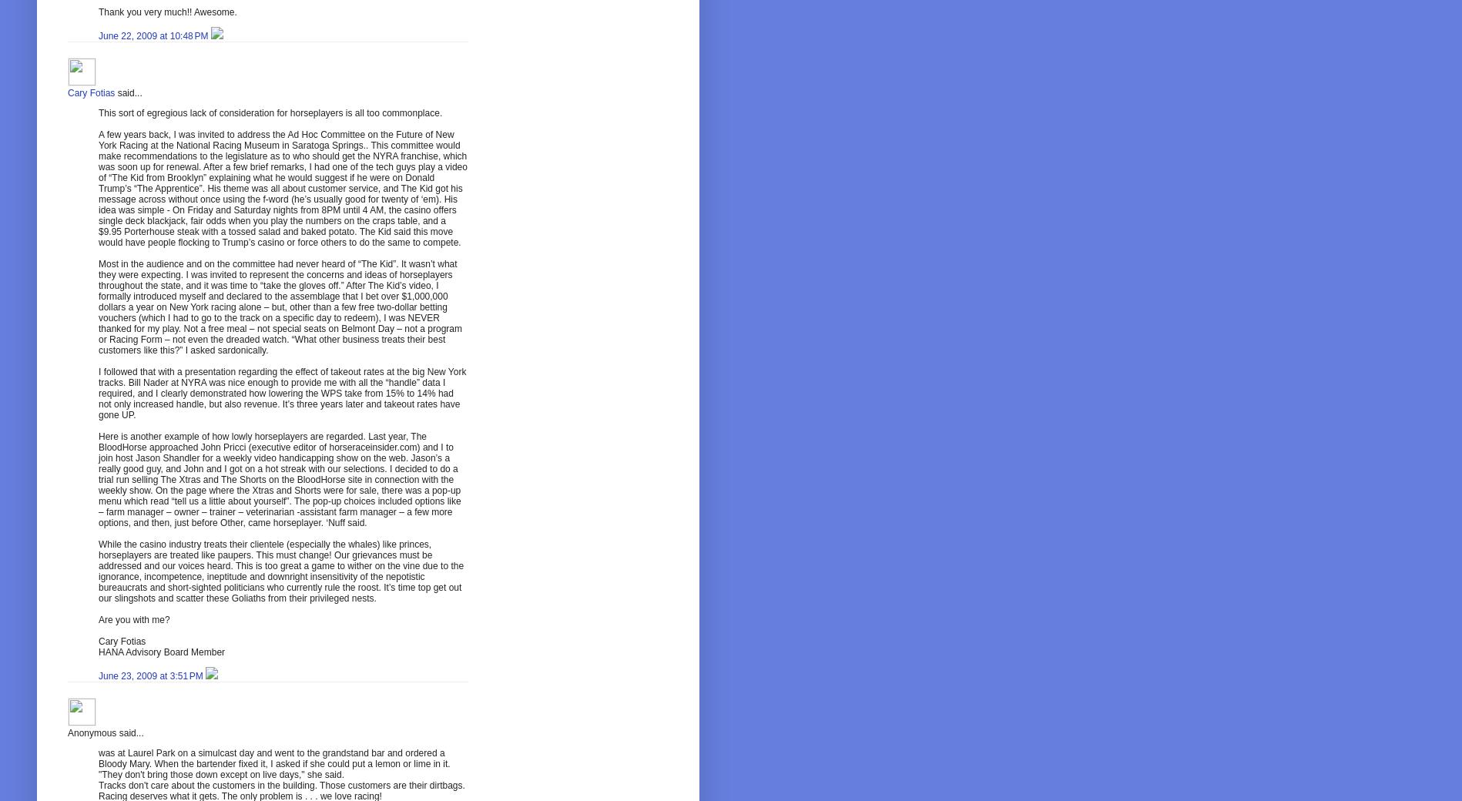 Image resolution: width=1462 pixels, height=801 pixels. What do you see at coordinates (160, 651) in the screenshot?
I see `'HANA Advisory Board Member'` at bounding box center [160, 651].